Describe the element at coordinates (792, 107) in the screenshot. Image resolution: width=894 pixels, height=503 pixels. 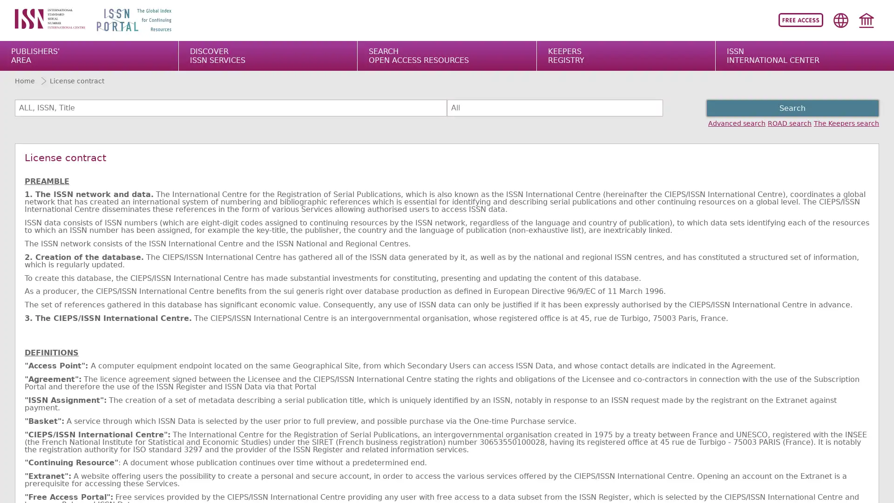
I see `Search` at that location.